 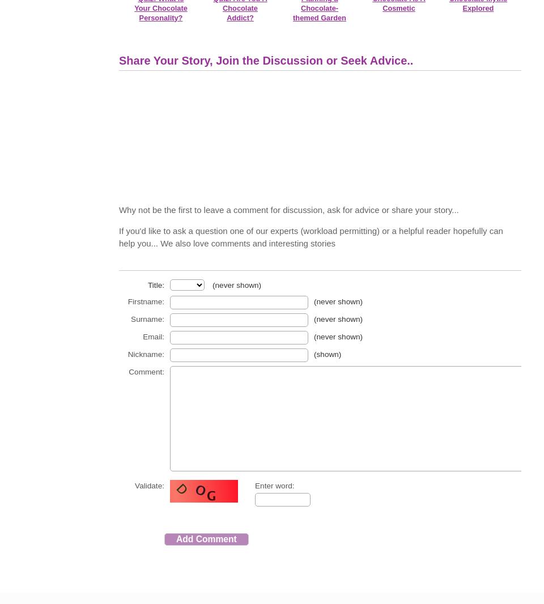 What do you see at coordinates (119, 60) in the screenshot?
I see `'Share Your Story, Join the Discussion or Seek Advice..'` at bounding box center [119, 60].